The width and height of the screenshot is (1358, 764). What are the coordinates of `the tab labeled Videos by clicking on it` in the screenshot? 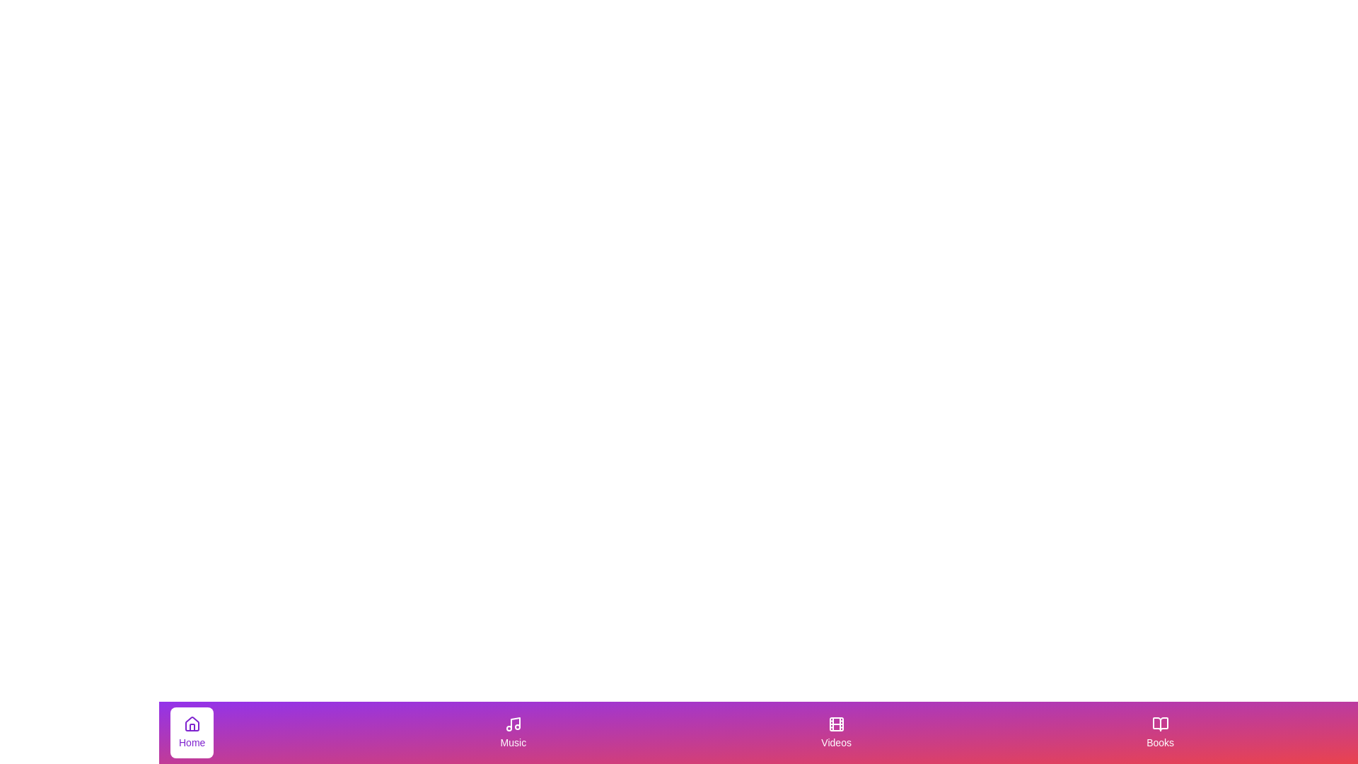 It's located at (836, 732).